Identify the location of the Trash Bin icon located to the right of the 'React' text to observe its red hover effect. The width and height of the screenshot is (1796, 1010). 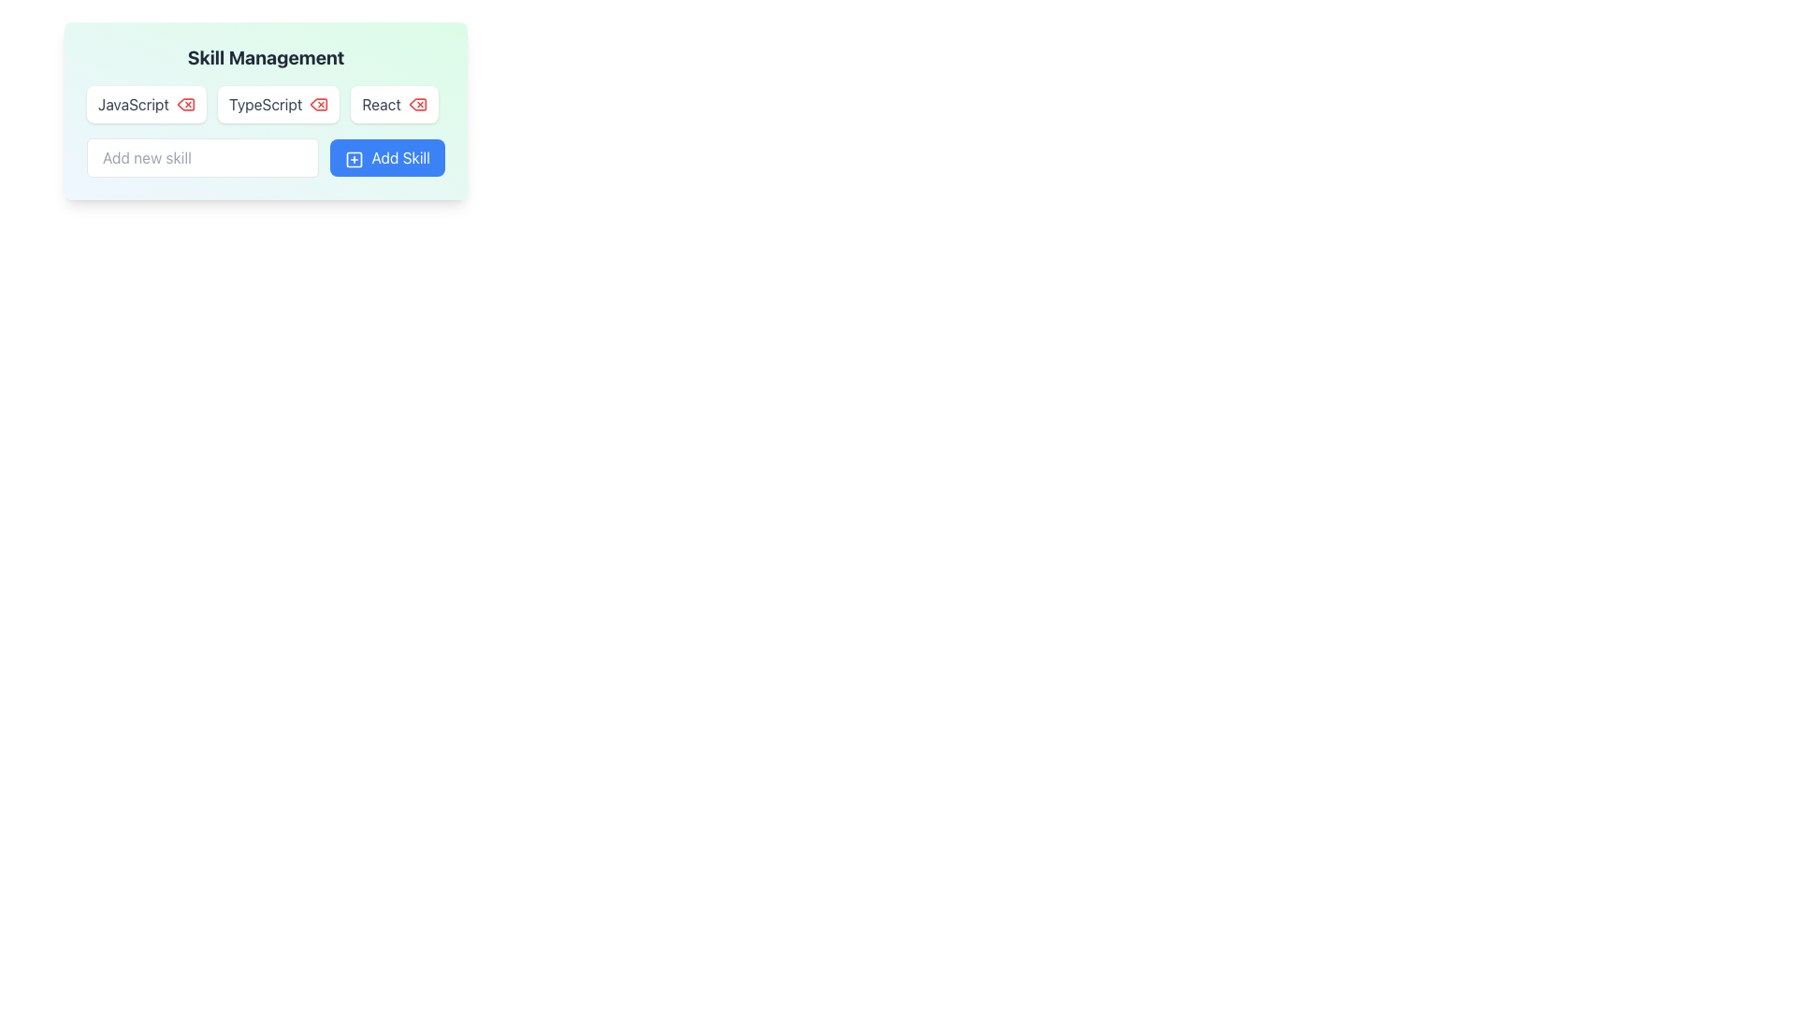
(416, 104).